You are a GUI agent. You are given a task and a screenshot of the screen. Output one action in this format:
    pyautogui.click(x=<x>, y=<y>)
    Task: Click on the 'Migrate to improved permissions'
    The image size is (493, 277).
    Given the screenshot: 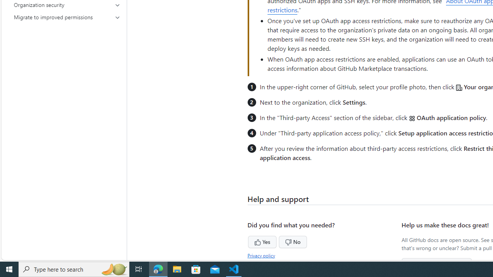 What is the action you would take?
    pyautogui.click(x=67, y=17)
    